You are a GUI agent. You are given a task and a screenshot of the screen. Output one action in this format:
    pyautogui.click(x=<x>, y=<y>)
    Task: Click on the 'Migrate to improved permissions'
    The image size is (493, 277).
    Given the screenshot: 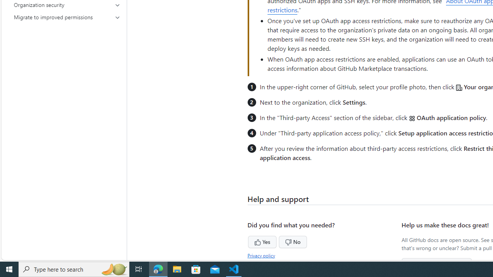 What is the action you would take?
    pyautogui.click(x=67, y=17)
    